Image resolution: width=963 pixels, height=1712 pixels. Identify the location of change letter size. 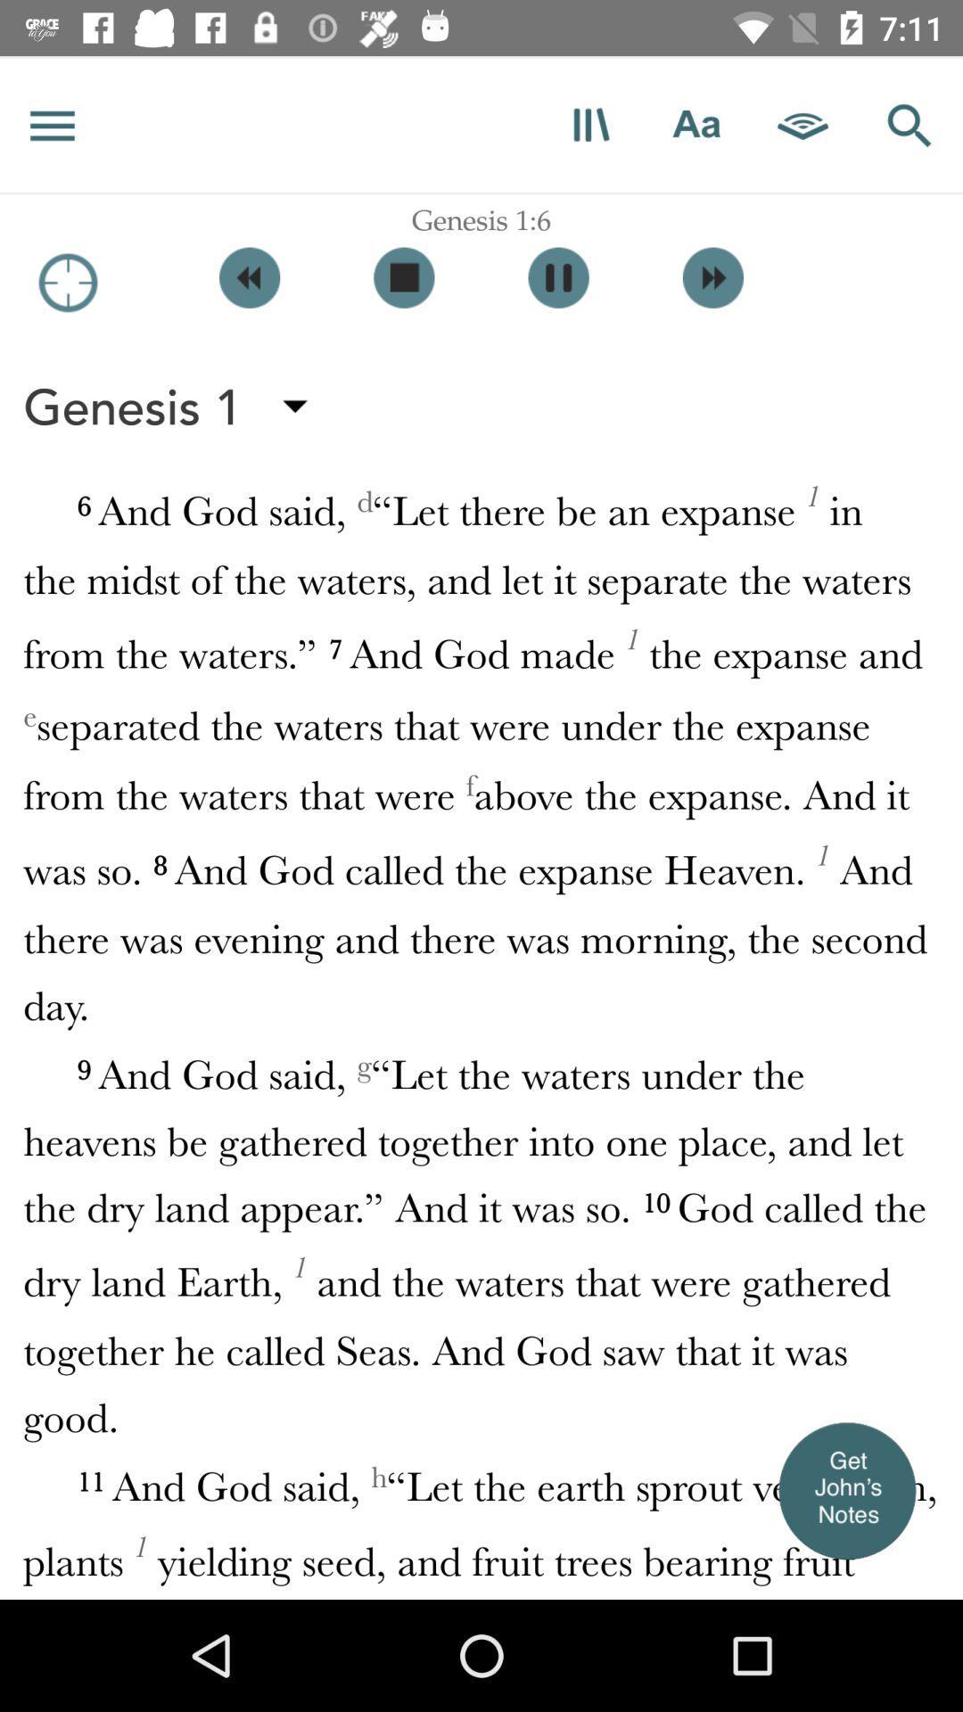
(695, 124).